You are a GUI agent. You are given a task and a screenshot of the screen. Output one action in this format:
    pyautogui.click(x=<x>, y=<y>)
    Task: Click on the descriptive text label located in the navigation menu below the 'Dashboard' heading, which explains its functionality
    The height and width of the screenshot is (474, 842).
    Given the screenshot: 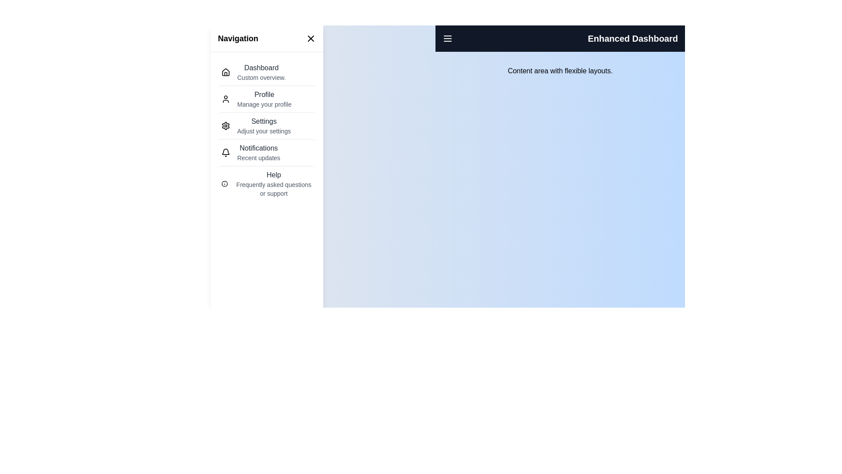 What is the action you would take?
    pyautogui.click(x=261, y=77)
    